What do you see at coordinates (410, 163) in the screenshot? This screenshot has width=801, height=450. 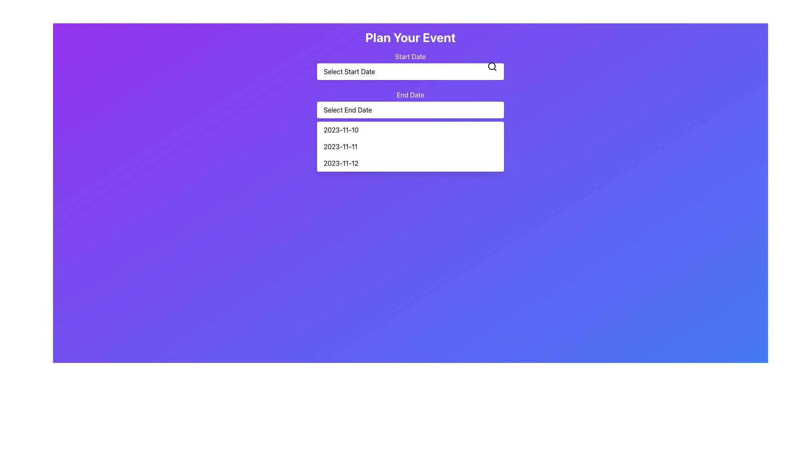 I see `the third item in the dropdown list which sets the date '2023-11-12' as the selection` at bounding box center [410, 163].